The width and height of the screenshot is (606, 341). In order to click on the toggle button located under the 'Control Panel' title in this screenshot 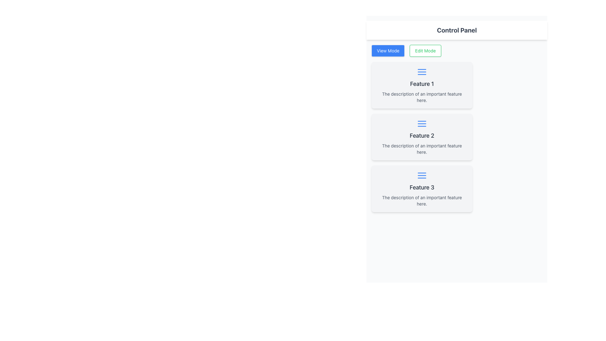, I will do `click(388, 51)`.